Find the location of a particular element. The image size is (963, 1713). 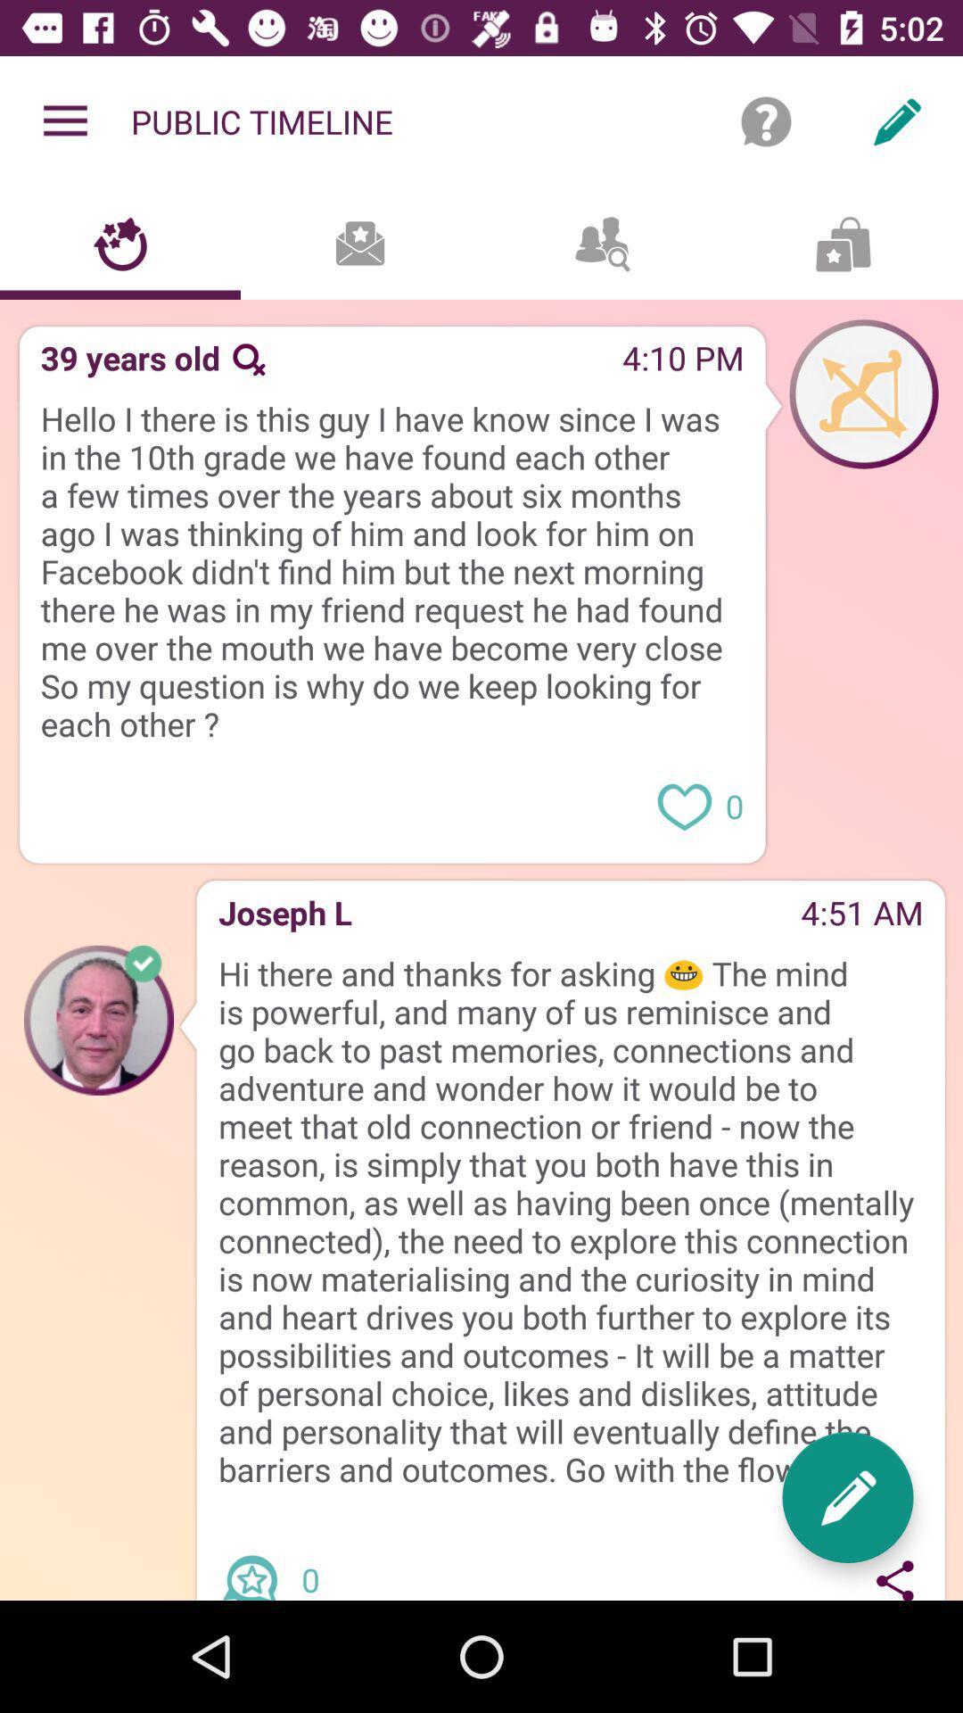

author of the comment is located at coordinates (99, 1020).